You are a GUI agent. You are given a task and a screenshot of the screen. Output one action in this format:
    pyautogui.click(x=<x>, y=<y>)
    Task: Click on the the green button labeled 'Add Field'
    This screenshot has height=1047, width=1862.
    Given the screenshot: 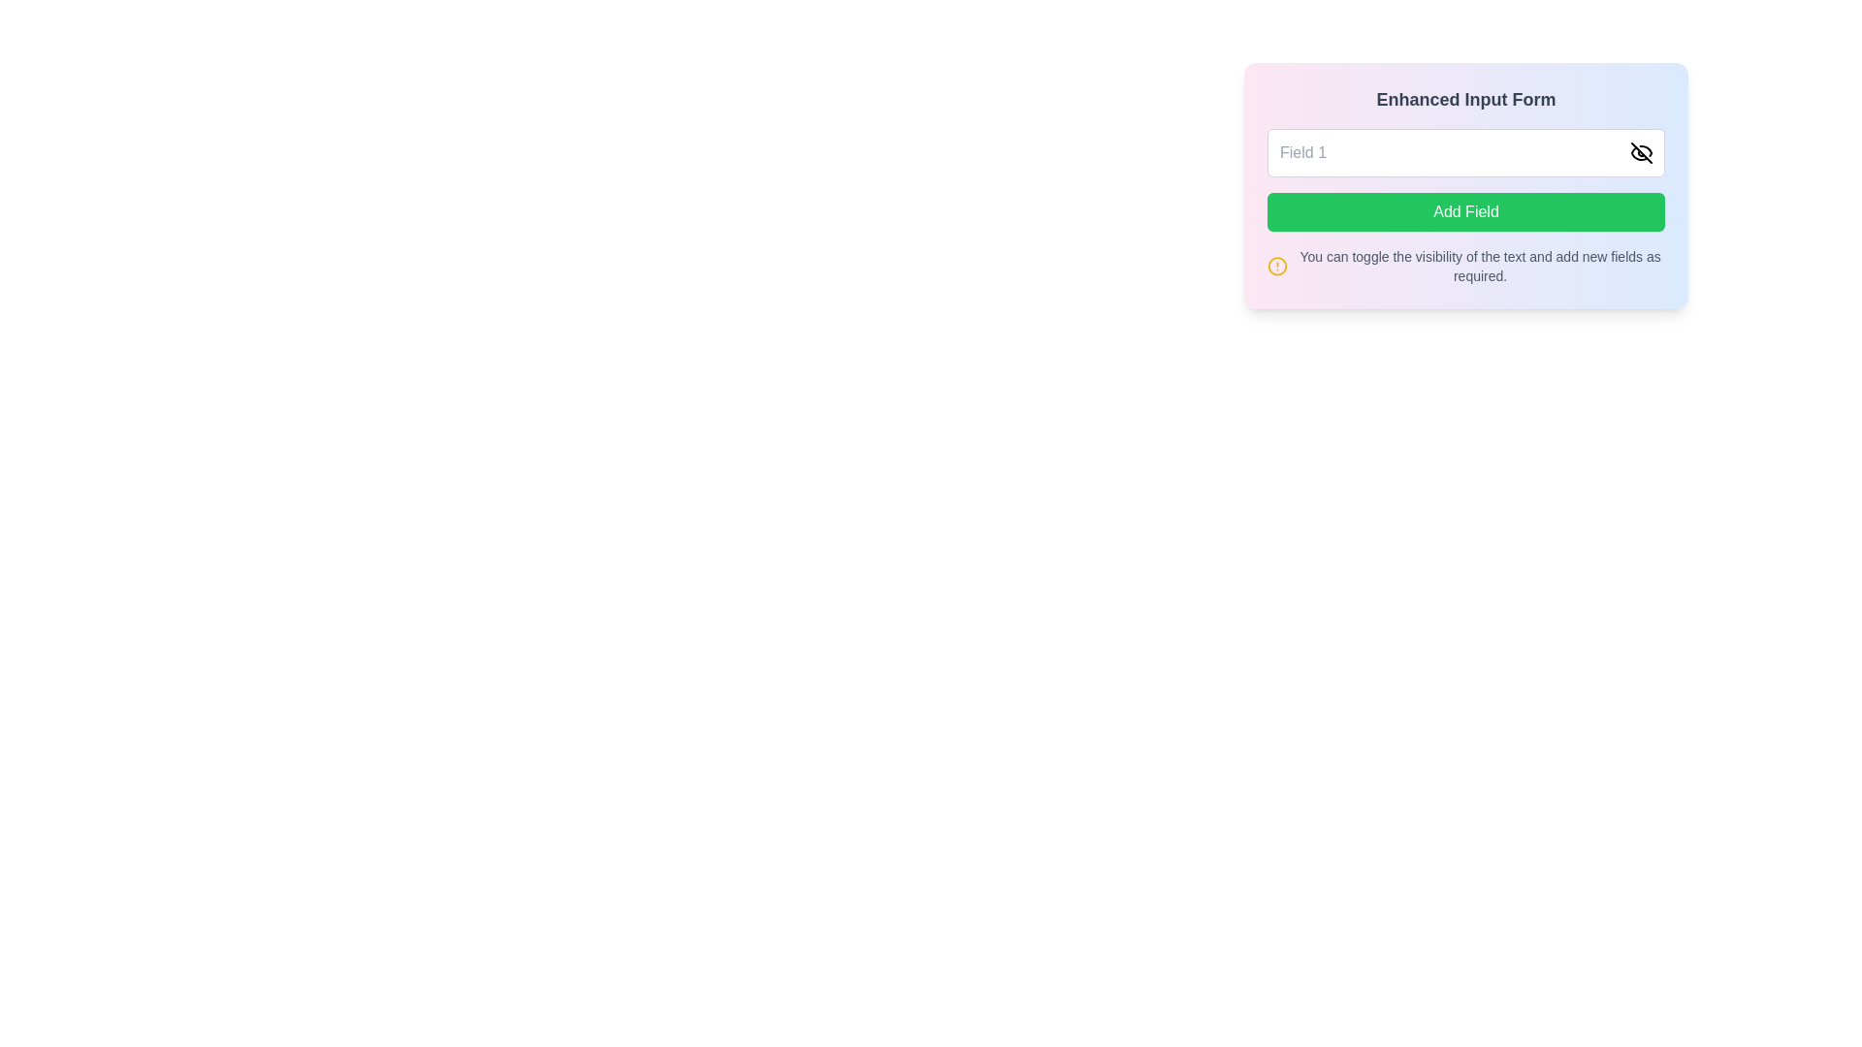 What is the action you would take?
    pyautogui.click(x=1466, y=186)
    